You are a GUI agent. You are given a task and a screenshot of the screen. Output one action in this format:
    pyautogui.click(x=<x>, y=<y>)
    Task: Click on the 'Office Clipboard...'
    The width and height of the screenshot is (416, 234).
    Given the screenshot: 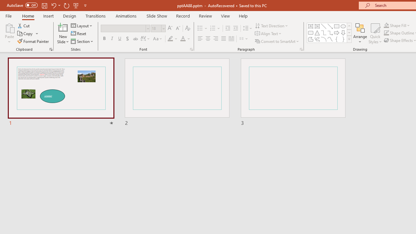 What is the action you would take?
    pyautogui.click(x=50, y=49)
    